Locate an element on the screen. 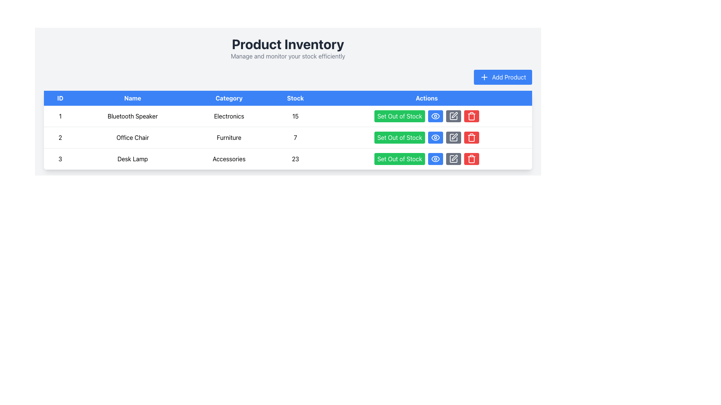 This screenshot has height=405, width=721. the 'Add Product' button located in the top-right corner of the header section above the product list is located at coordinates (503, 77).